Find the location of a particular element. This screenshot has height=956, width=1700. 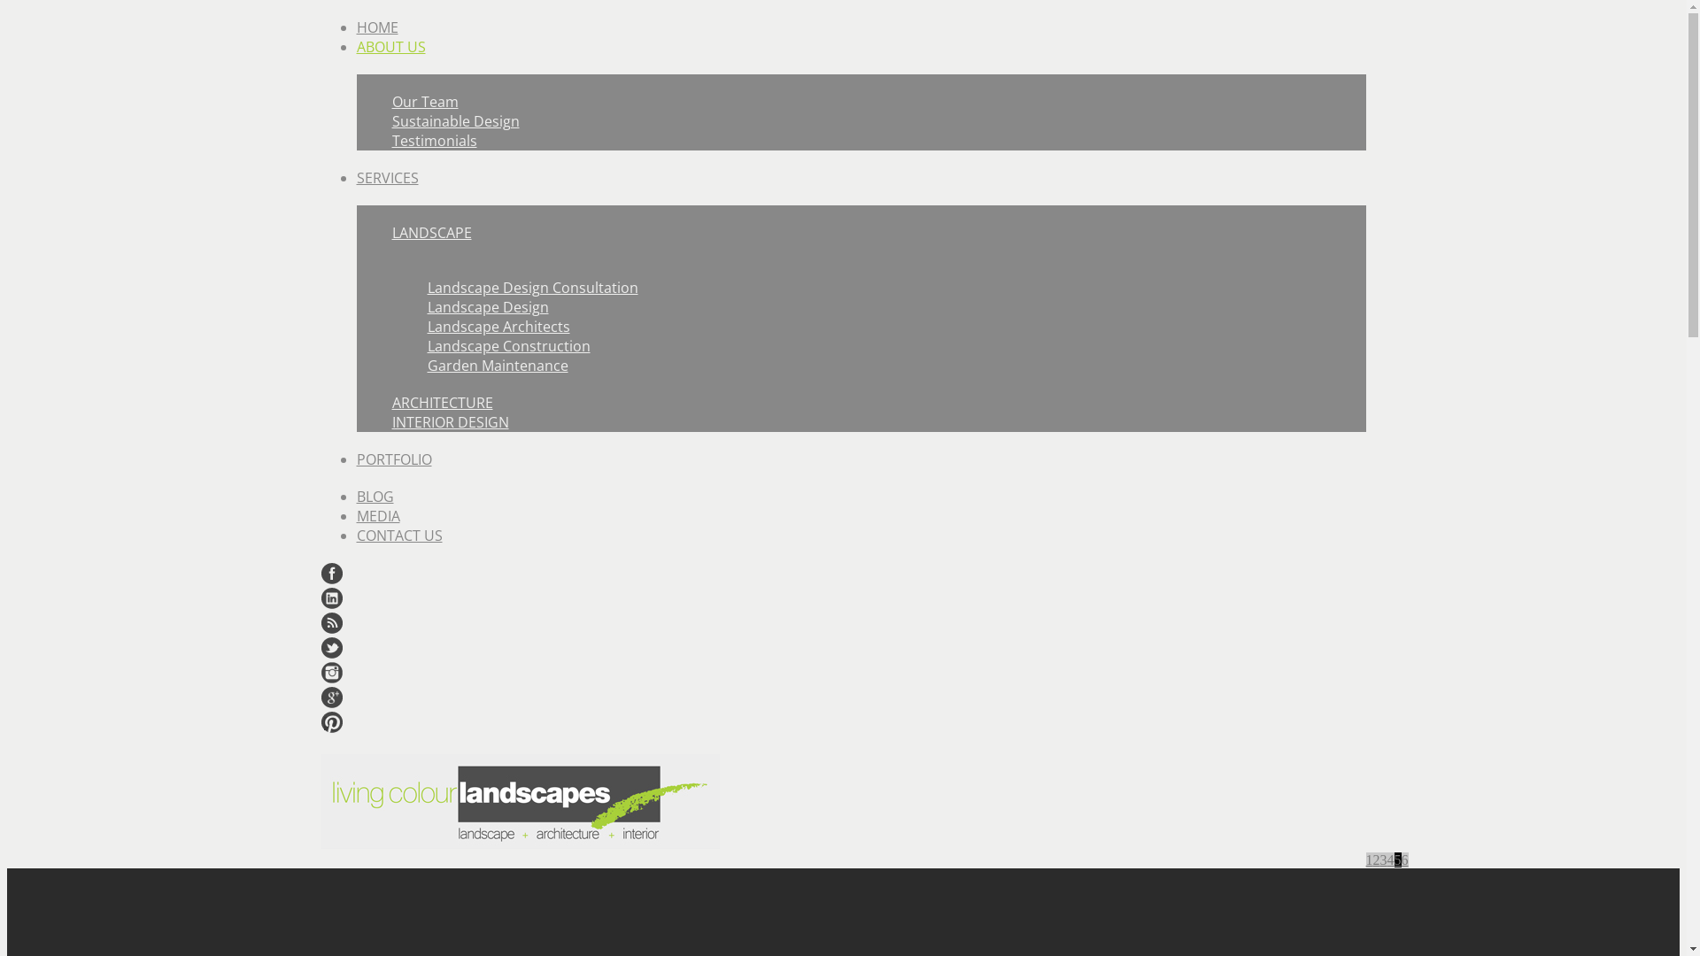

'Landscape Design' is located at coordinates (487, 306).